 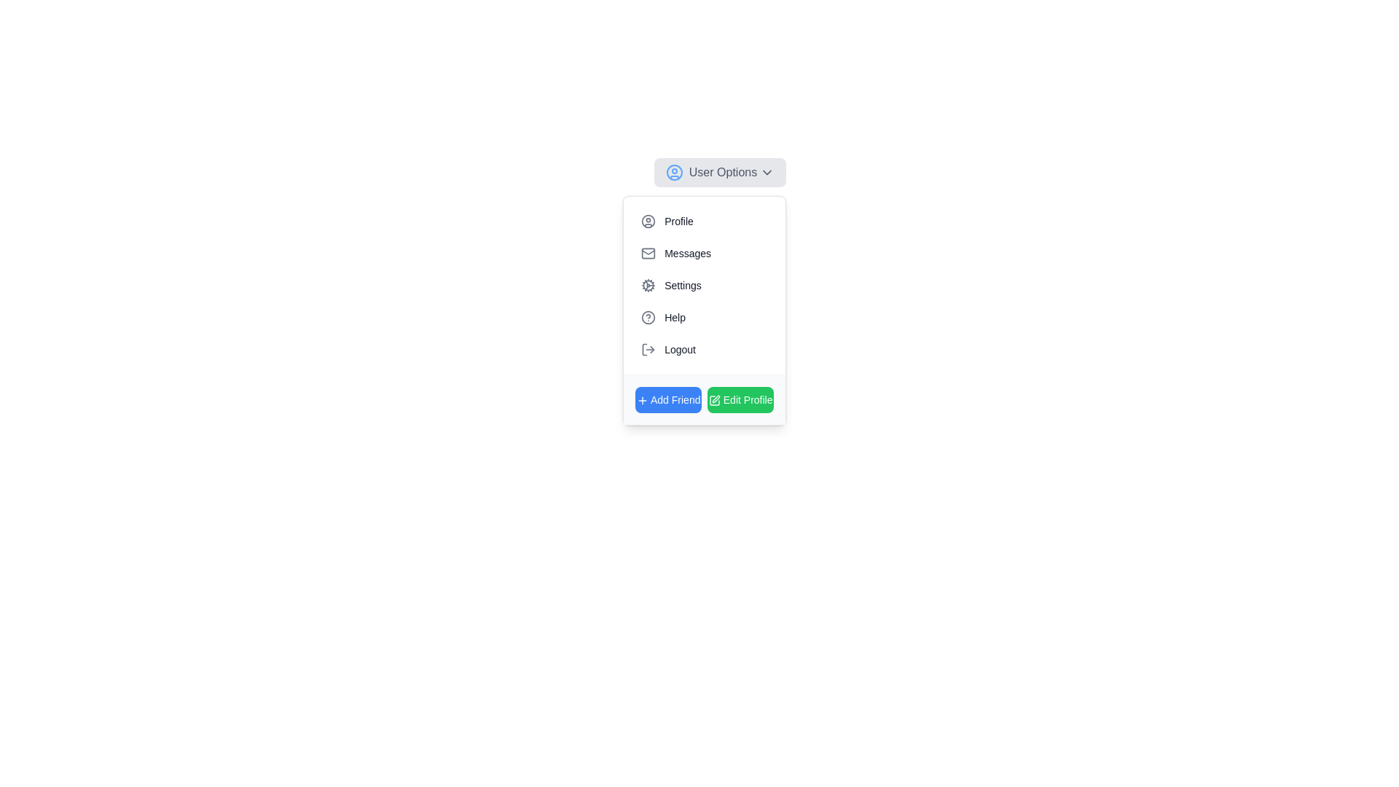 What do you see at coordinates (648, 349) in the screenshot?
I see `the logout icon, which is a 20x20 pixels SVG icon displaying a logout symbol, located next to the 'Logout' menu item for visual feedback` at bounding box center [648, 349].